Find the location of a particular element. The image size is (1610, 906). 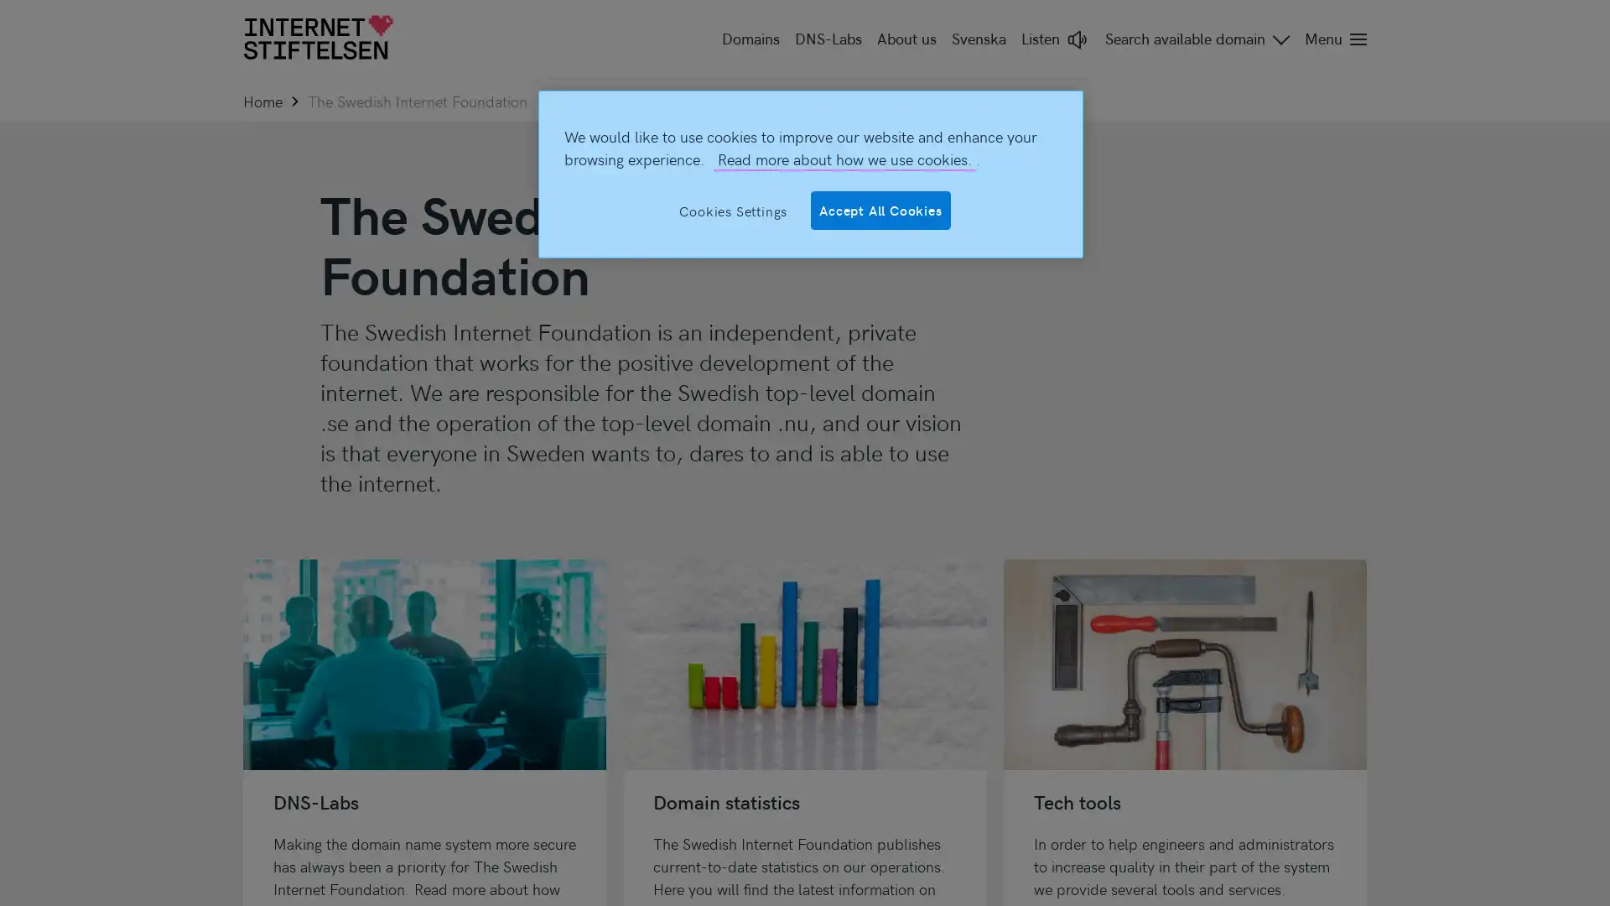

Accept All Cookies is located at coordinates (880, 209).